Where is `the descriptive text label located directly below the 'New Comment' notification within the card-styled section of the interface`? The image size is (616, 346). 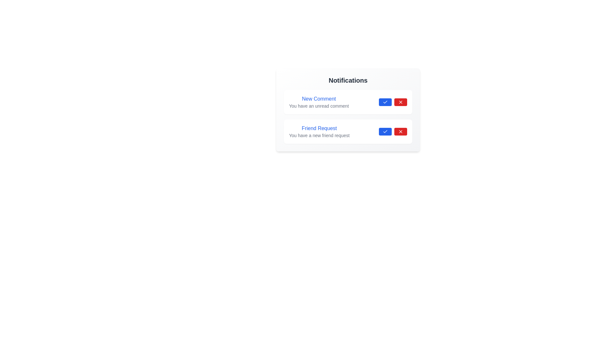 the descriptive text label located directly below the 'New Comment' notification within the card-styled section of the interface is located at coordinates (319, 106).